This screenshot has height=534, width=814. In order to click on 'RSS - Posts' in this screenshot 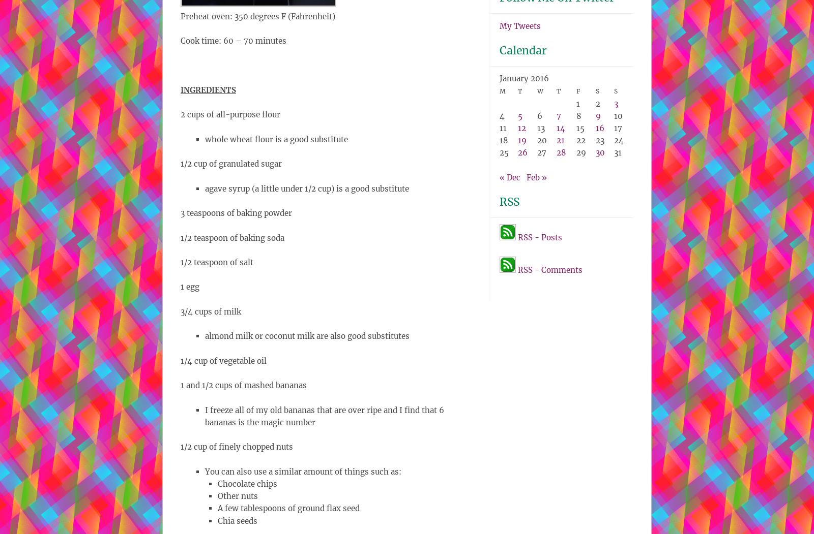, I will do `click(539, 237)`.